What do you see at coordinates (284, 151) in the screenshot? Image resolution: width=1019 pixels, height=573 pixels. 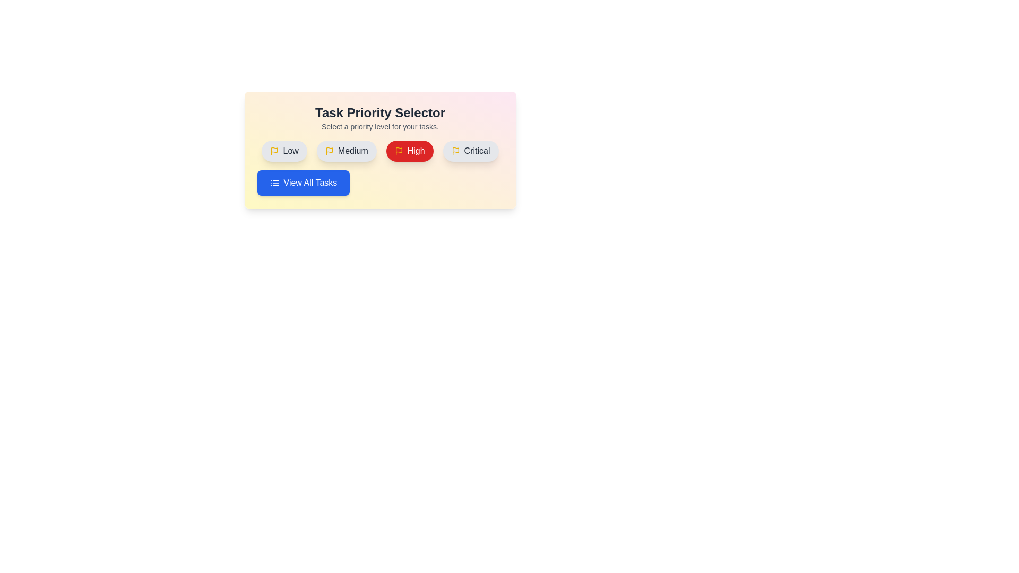 I see `the button corresponding to the priority level Low` at bounding box center [284, 151].